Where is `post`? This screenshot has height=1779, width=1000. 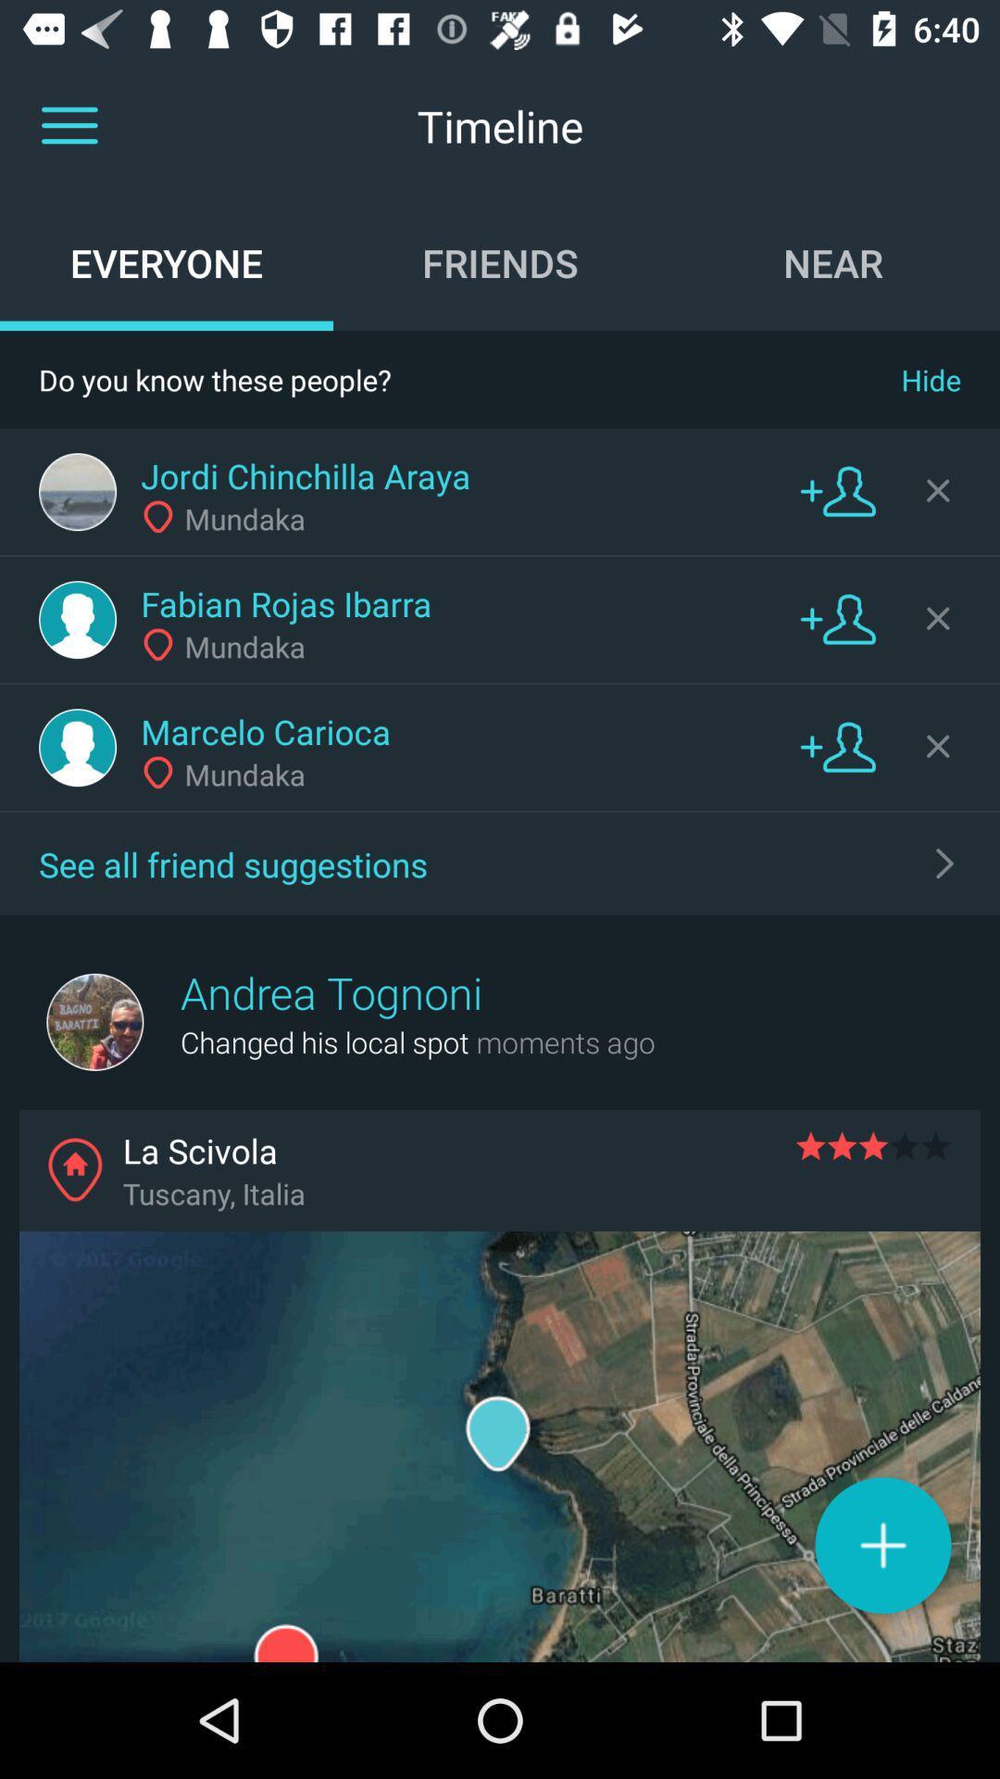 post is located at coordinates (881, 1545).